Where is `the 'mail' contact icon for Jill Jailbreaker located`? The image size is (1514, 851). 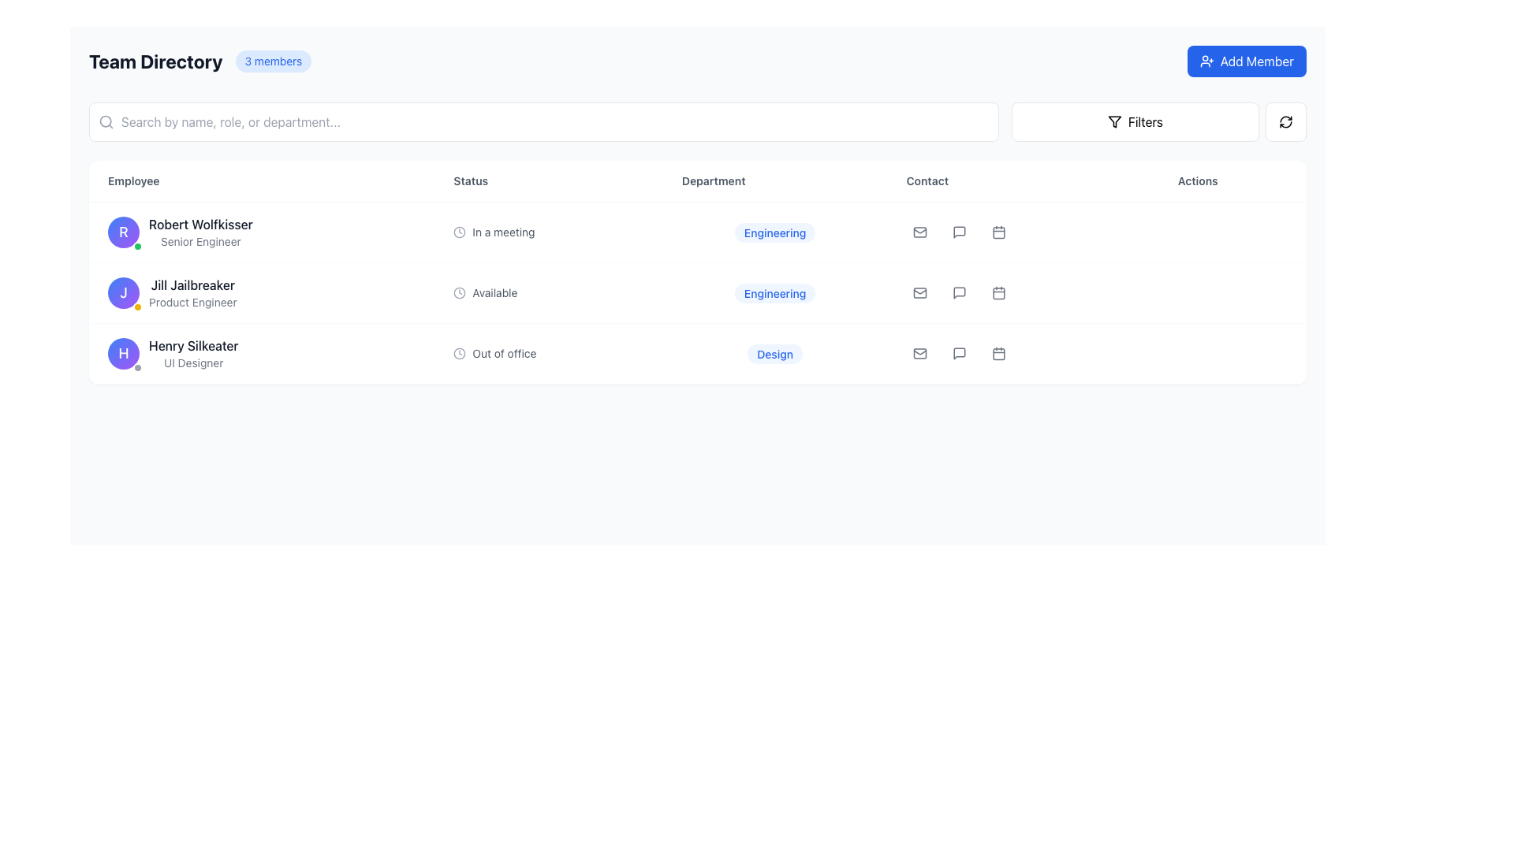
the 'mail' contact icon for Jill Jailbreaker located is located at coordinates (919, 292).